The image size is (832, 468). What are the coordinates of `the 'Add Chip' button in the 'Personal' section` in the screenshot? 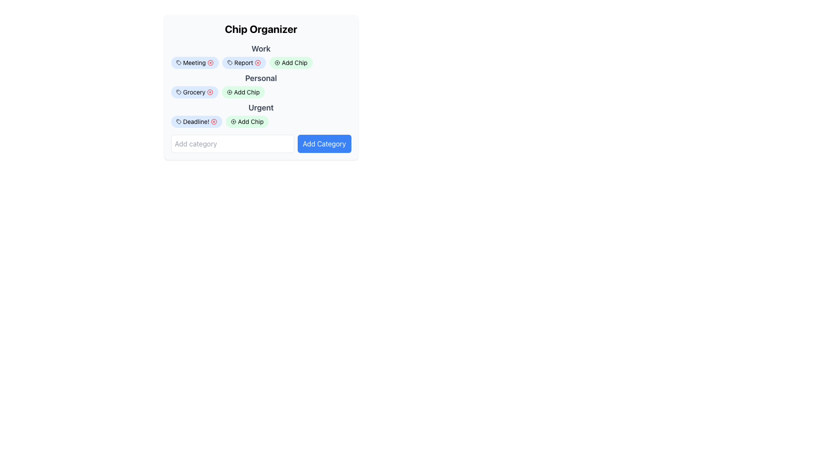 It's located at (260, 87).